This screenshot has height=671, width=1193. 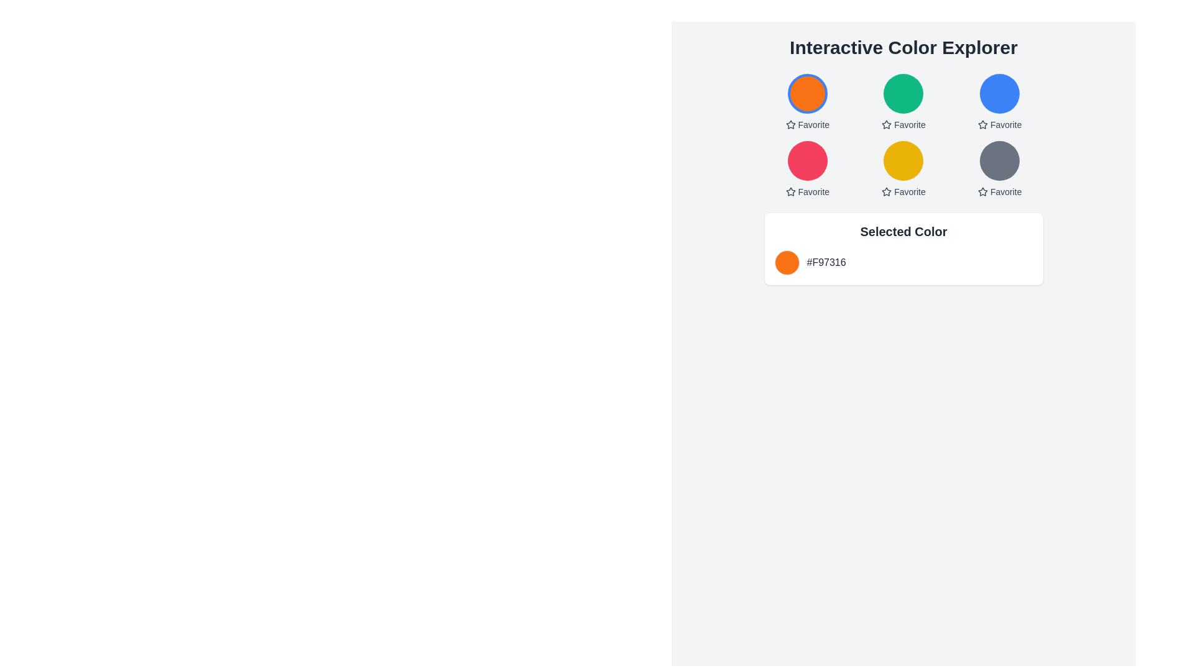 I want to click on the 'Favorite' text label, which is a small gray label located to the right of the star-shaped icon and below the green circular color swatch, so click(x=910, y=124).